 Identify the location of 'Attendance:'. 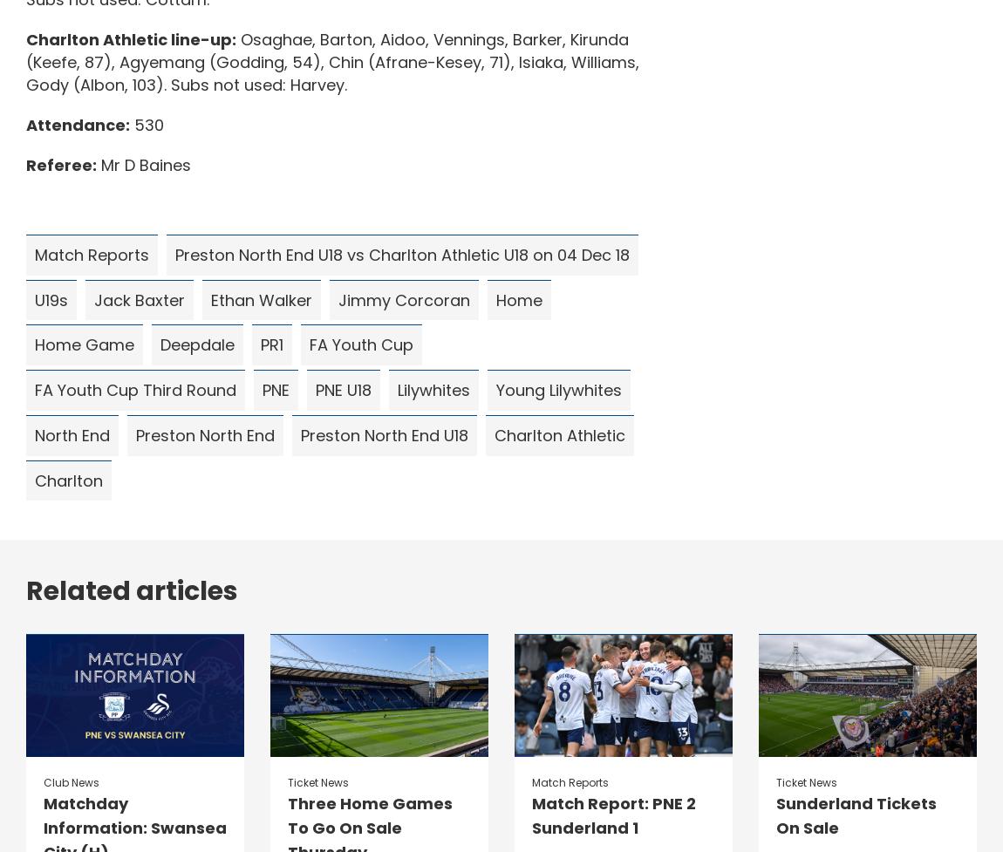
(77, 125).